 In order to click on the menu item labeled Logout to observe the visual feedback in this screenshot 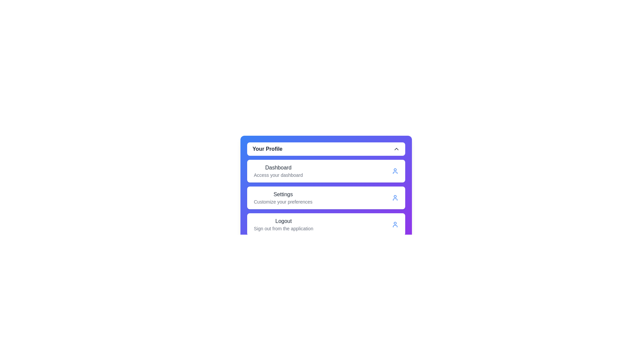, I will do `click(283, 224)`.